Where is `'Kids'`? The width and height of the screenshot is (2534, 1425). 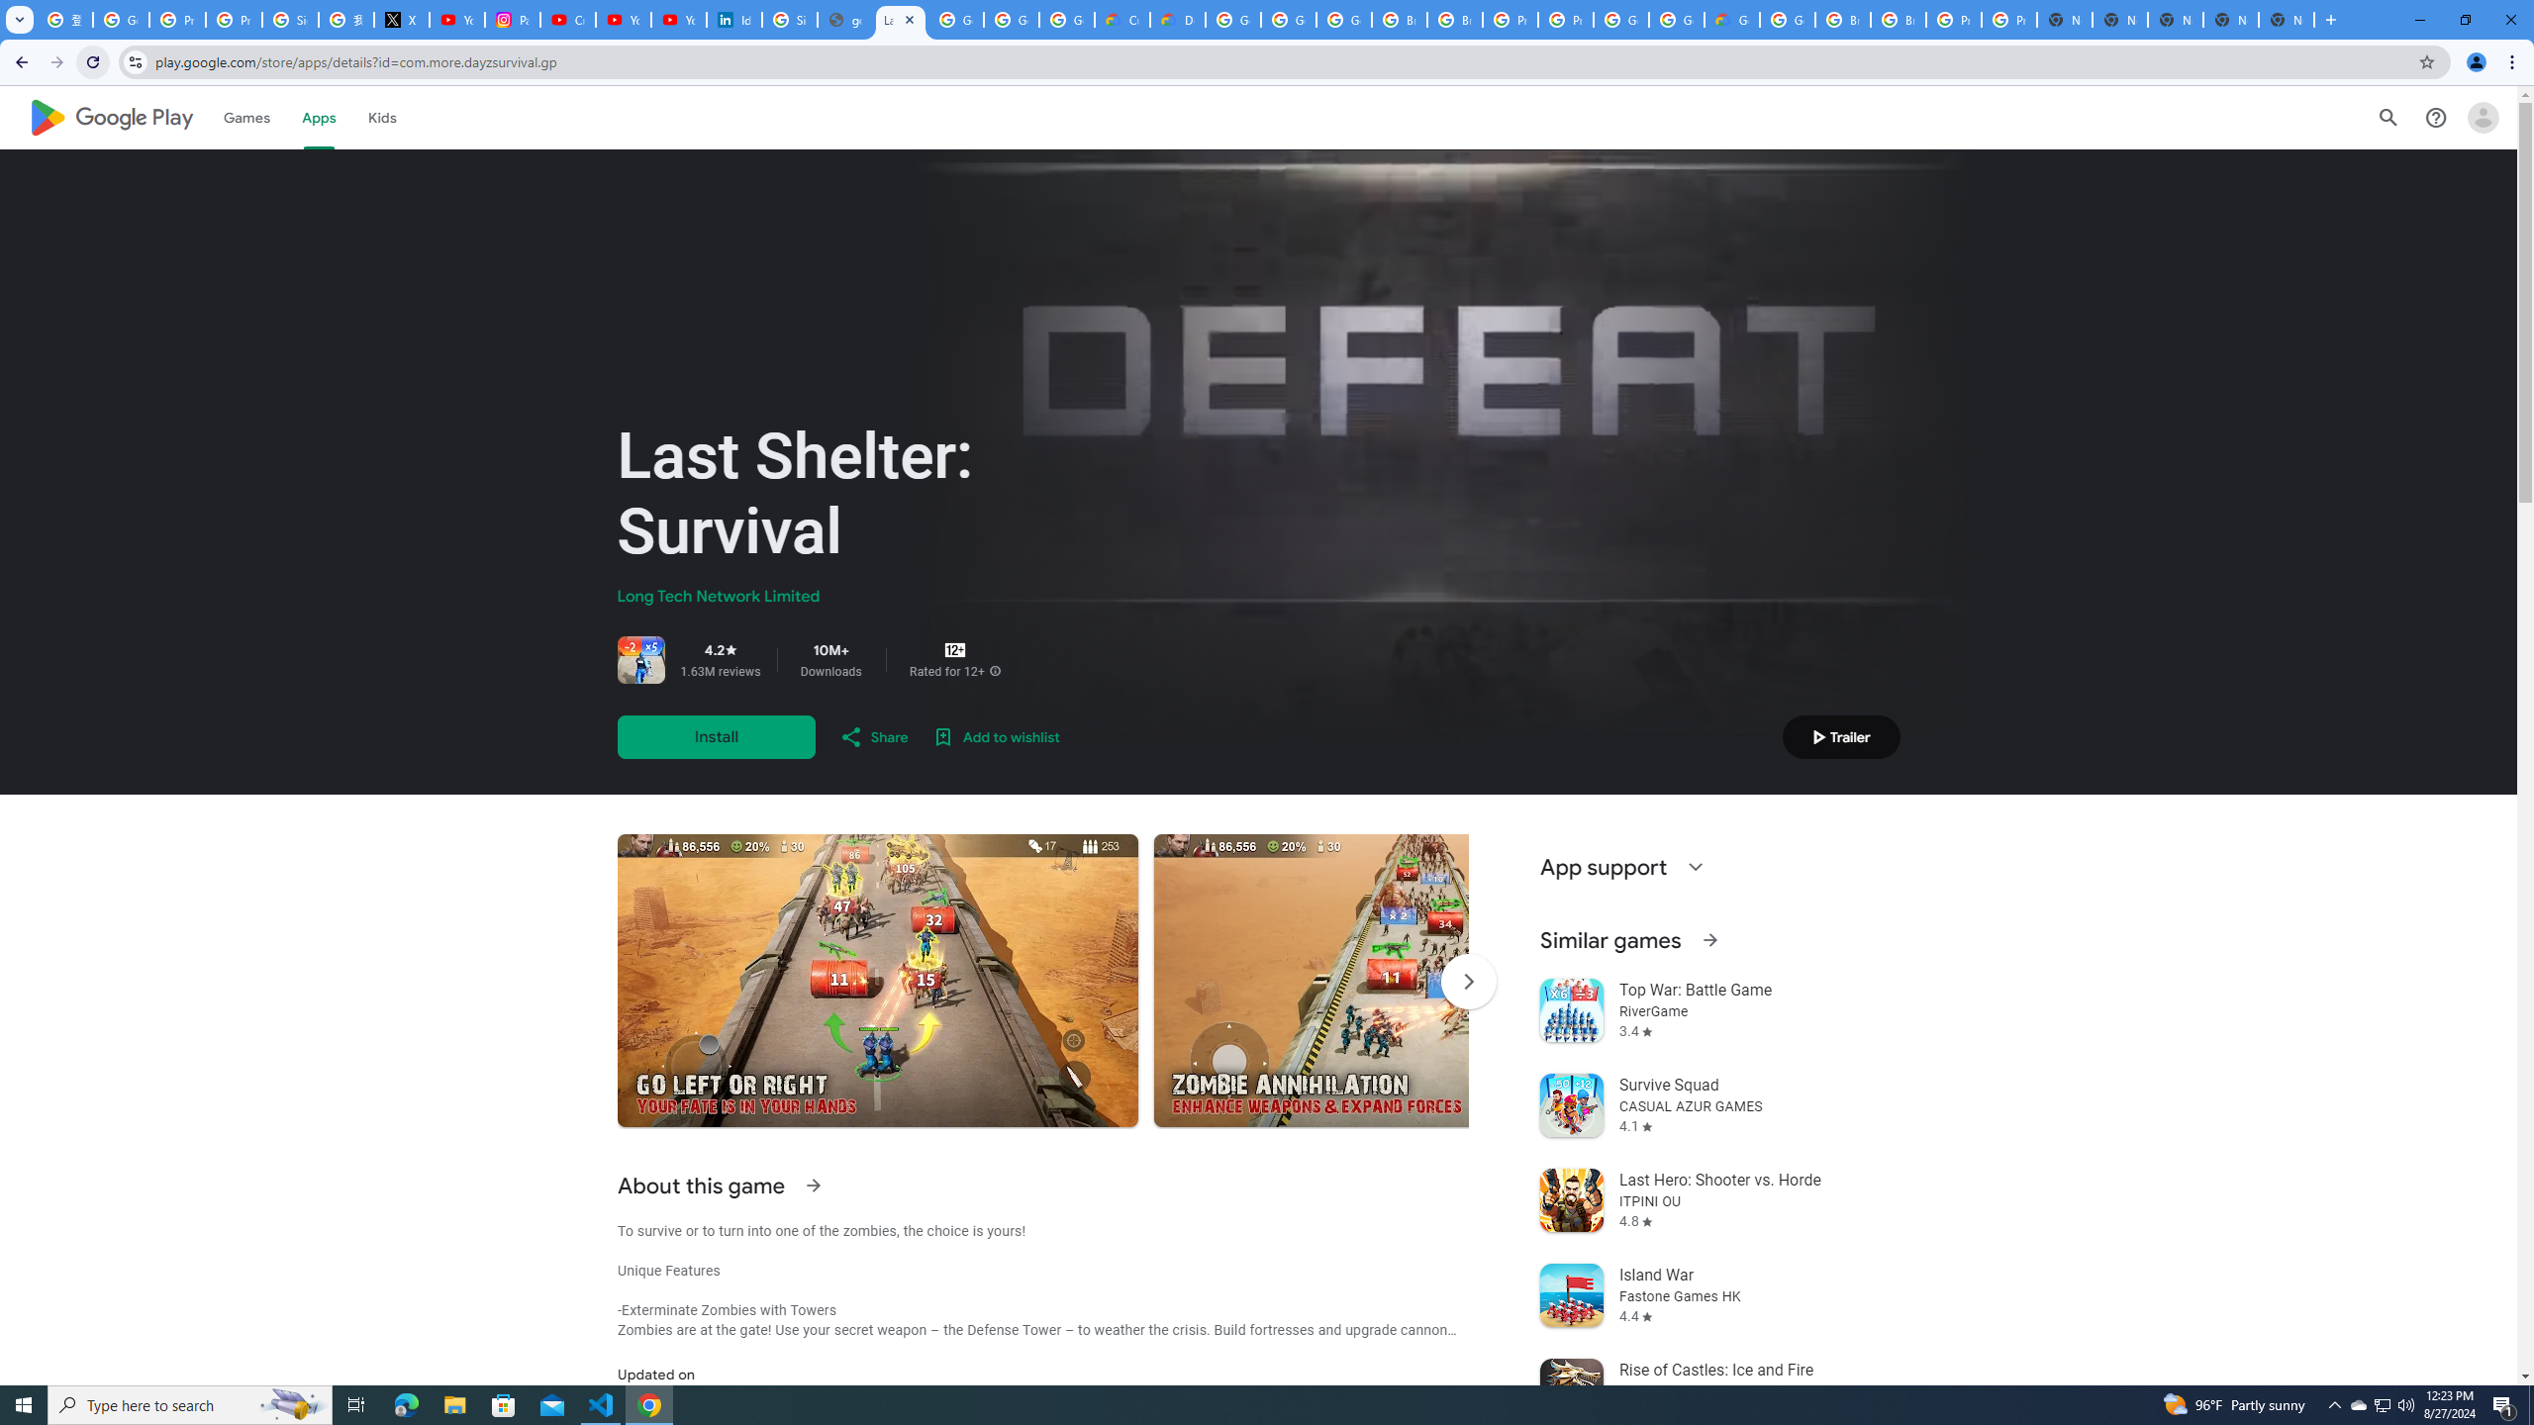
'Kids' is located at coordinates (382, 117).